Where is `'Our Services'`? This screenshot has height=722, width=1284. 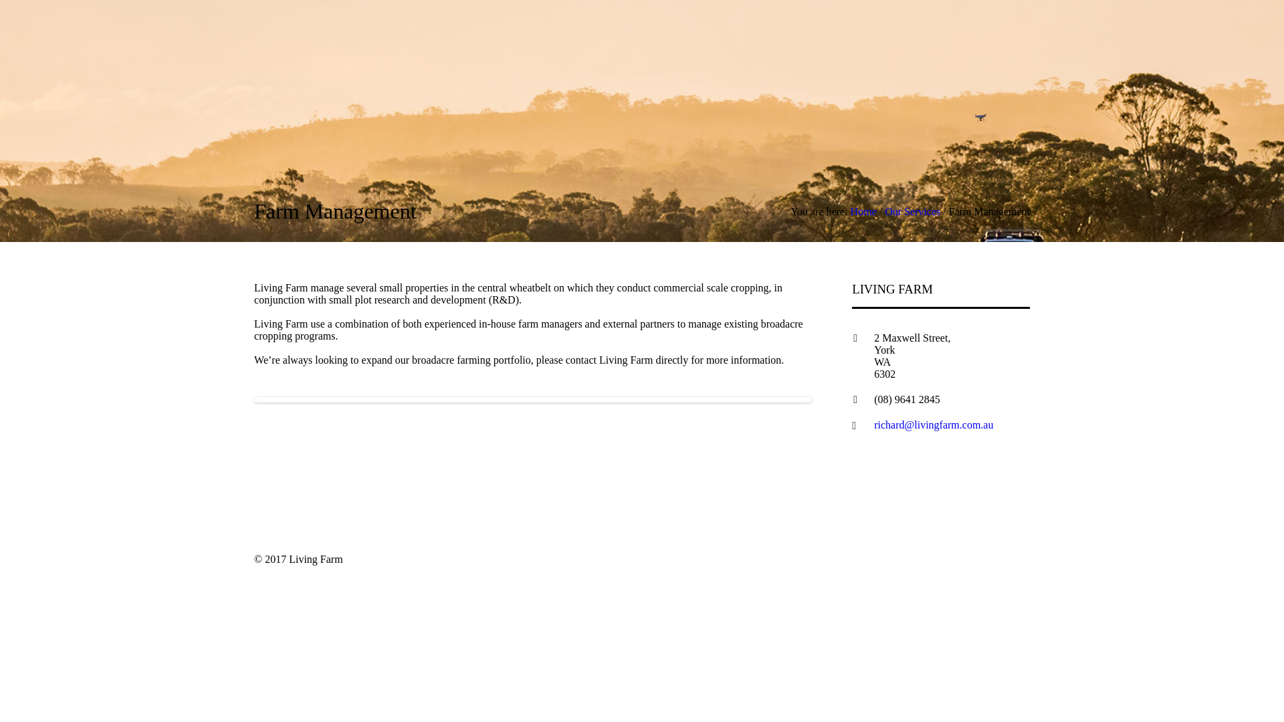
'Our Services' is located at coordinates (912, 211).